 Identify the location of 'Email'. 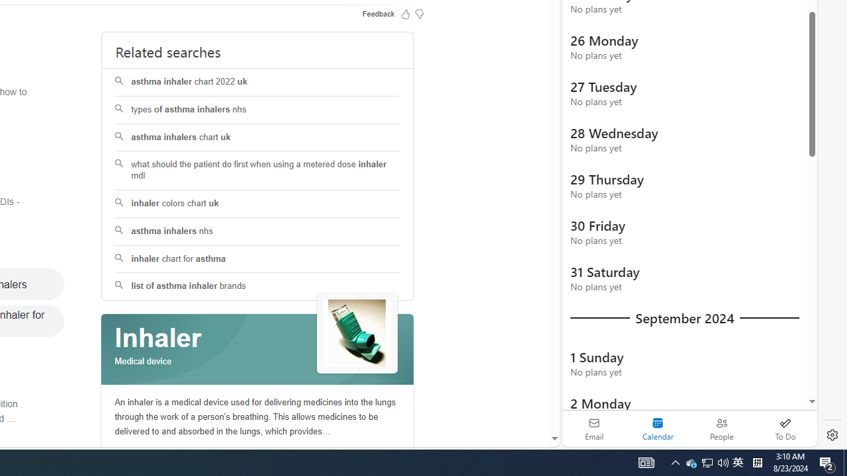
(594, 428).